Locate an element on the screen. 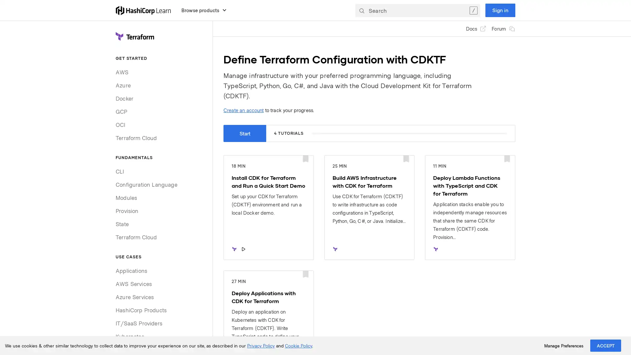 The image size is (631, 355). ACCEPT is located at coordinates (605, 345).